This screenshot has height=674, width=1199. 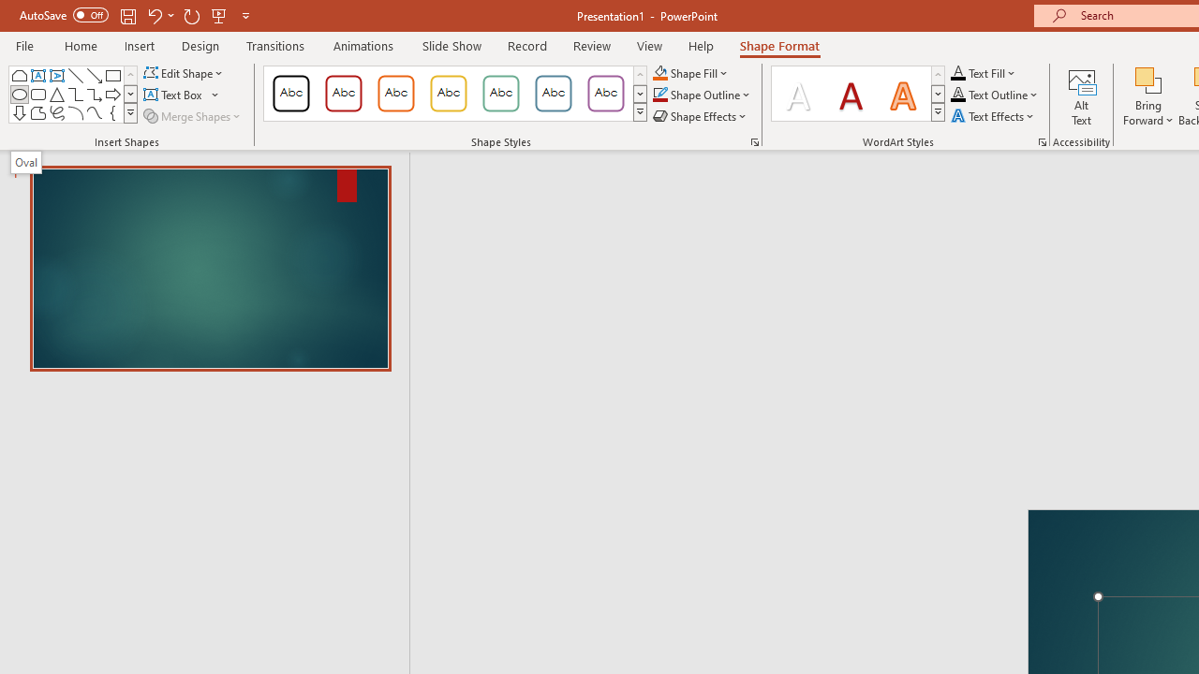 What do you see at coordinates (56, 75) in the screenshot?
I see `'Vertical Text Box'` at bounding box center [56, 75].